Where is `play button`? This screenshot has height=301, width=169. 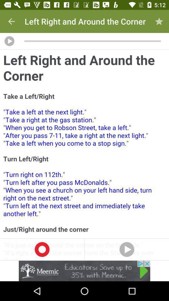
play button is located at coordinates (9, 41).